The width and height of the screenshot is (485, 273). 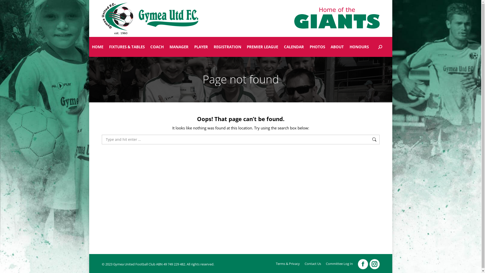 What do you see at coordinates (317, 47) in the screenshot?
I see `'PHOTOS'` at bounding box center [317, 47].